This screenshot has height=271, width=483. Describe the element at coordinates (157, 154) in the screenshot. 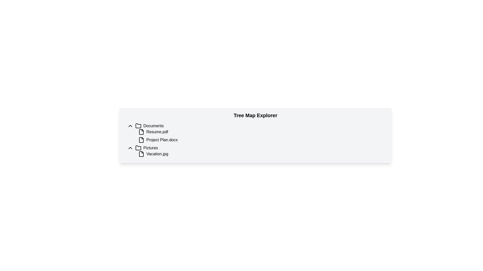

I see `the text label 'Vacation.jpg' in the file explorer interface` at that location.